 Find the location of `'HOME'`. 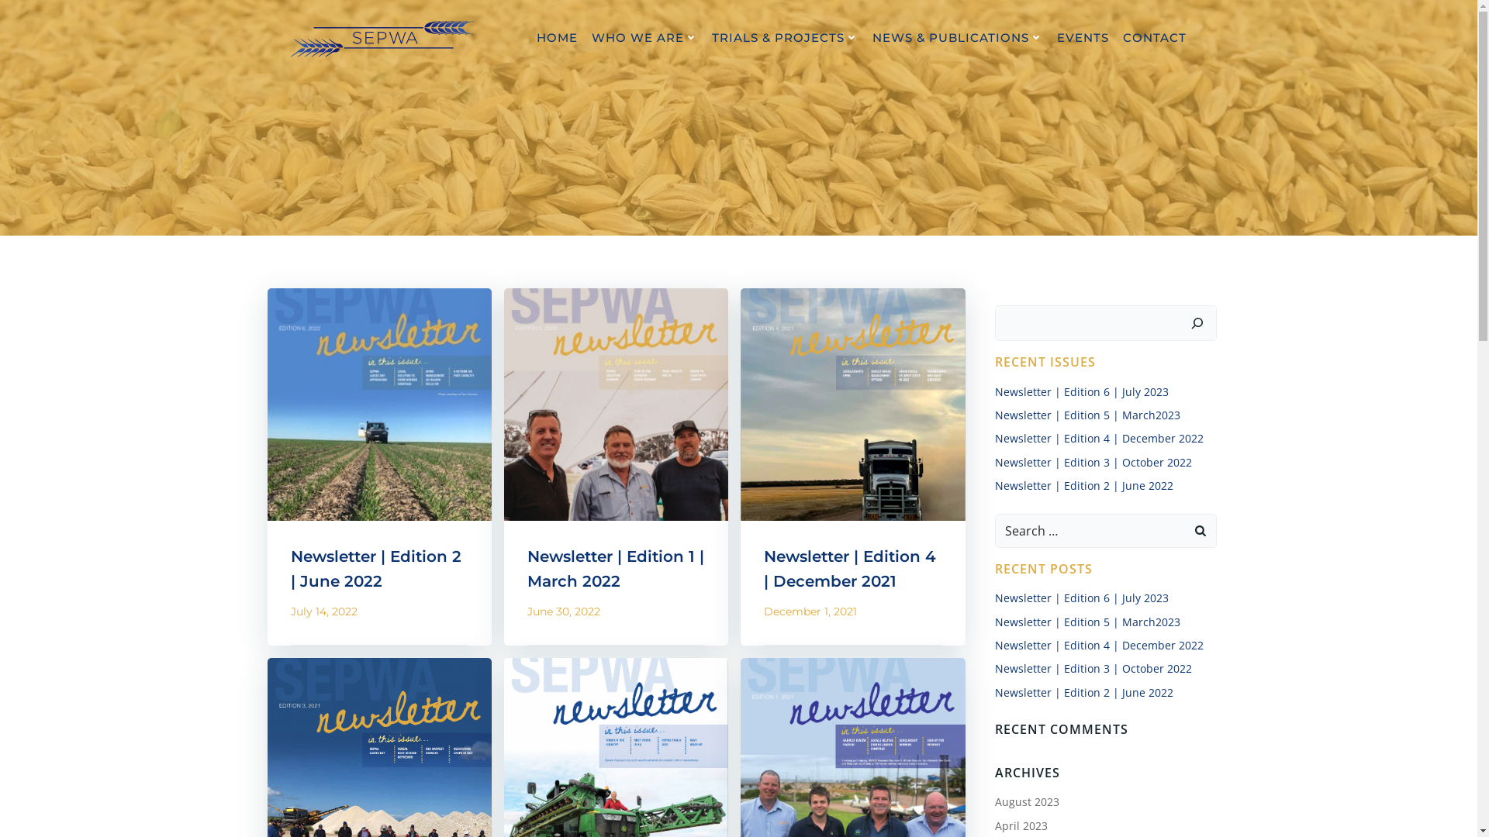

'HOME' is located at coordinates (536, 37).